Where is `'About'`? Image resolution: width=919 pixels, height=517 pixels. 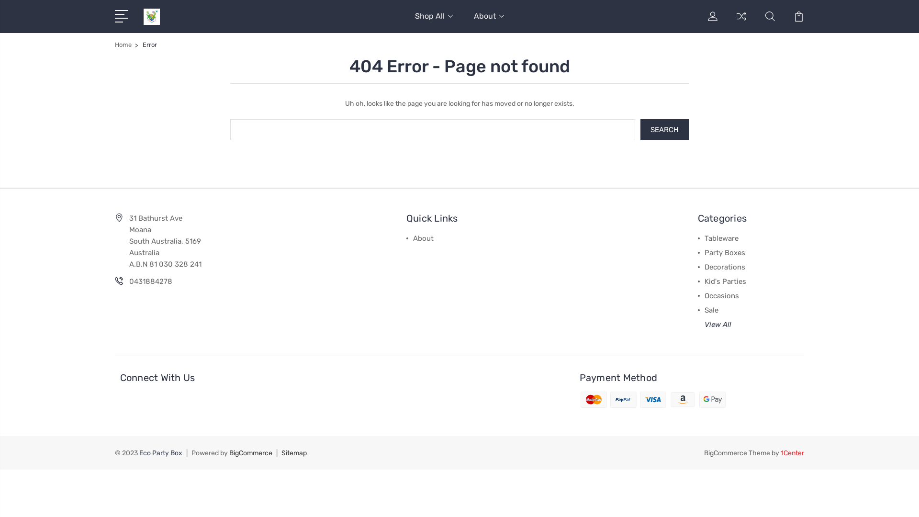
'About' is located at coordinates (489, 22).